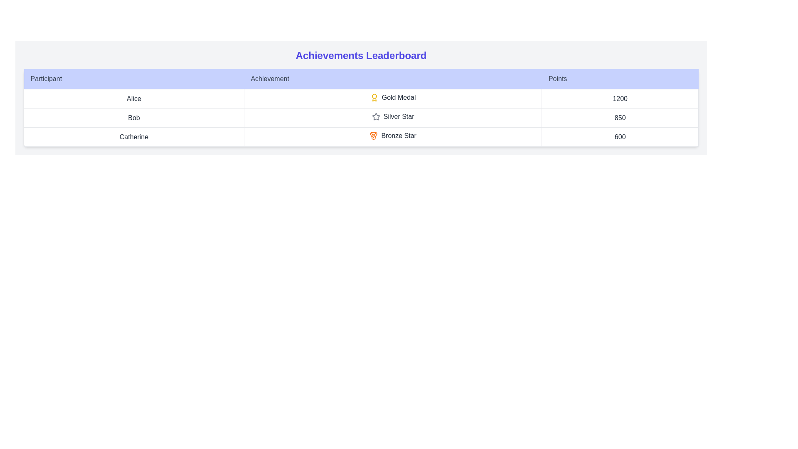 The image size is (798, 449). Describe the element at coordinates (392, 98) in the screenshot. I see `the text label 'Gold Medal' which is styled with a bold gray font and centered alignment, located in the second column of the first row under the 'Achievements' header in the leaderboard table` at that location.